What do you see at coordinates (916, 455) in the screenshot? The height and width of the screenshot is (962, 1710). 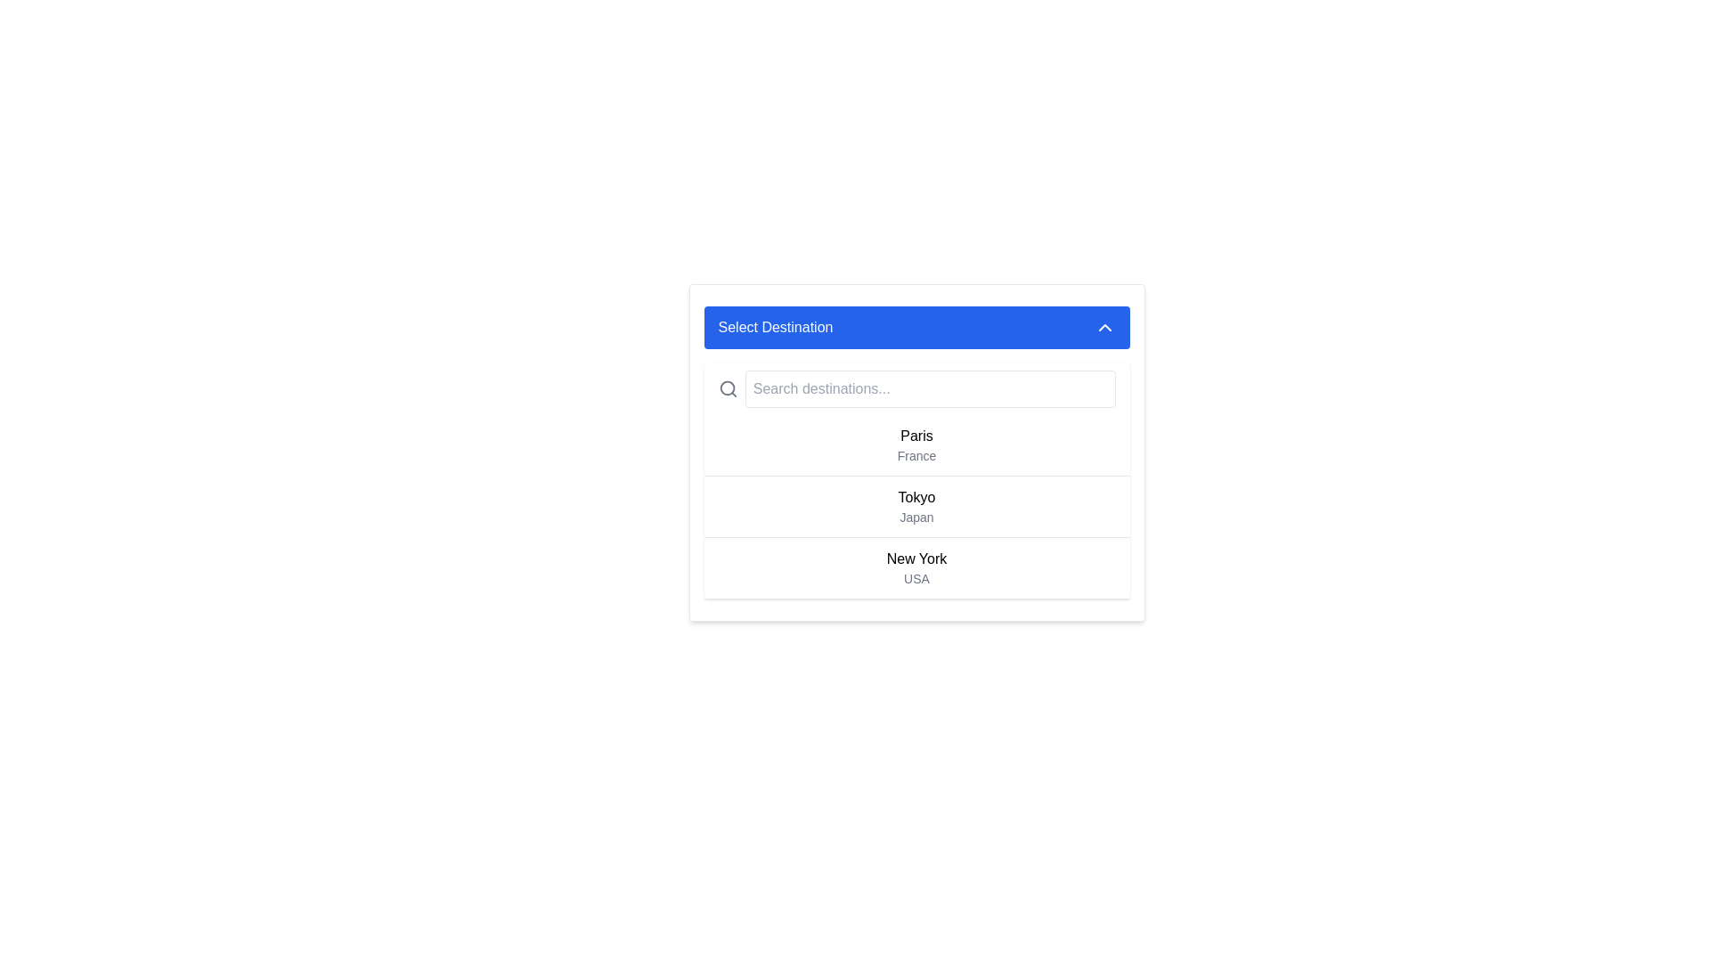 I see `the text element 'France', which is displayed in a smaller, gray font directly beneath 'Paris' in the selection list interface` at bounding box center [916, 455].